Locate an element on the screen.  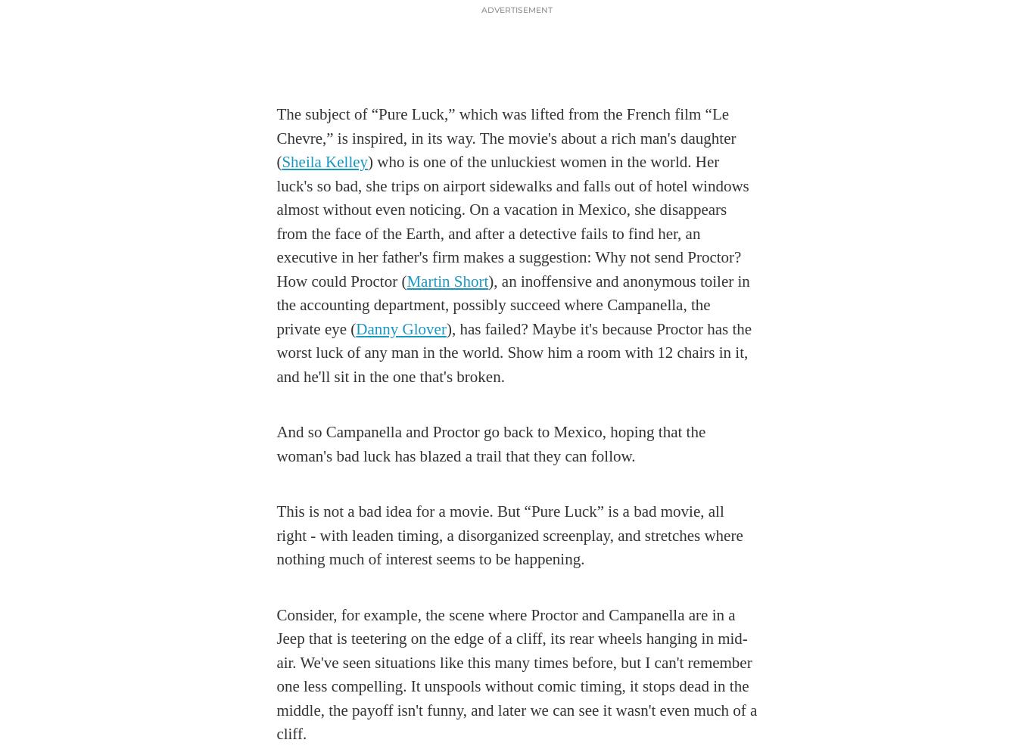
'This is not a bad idea for a movie. But “Pure Luck” is a bad movie, all right - with leaden timing, a disorganized screenplay, and stretches where nothing much of interest seems to be happening.' is located at coordinates (275, 534).